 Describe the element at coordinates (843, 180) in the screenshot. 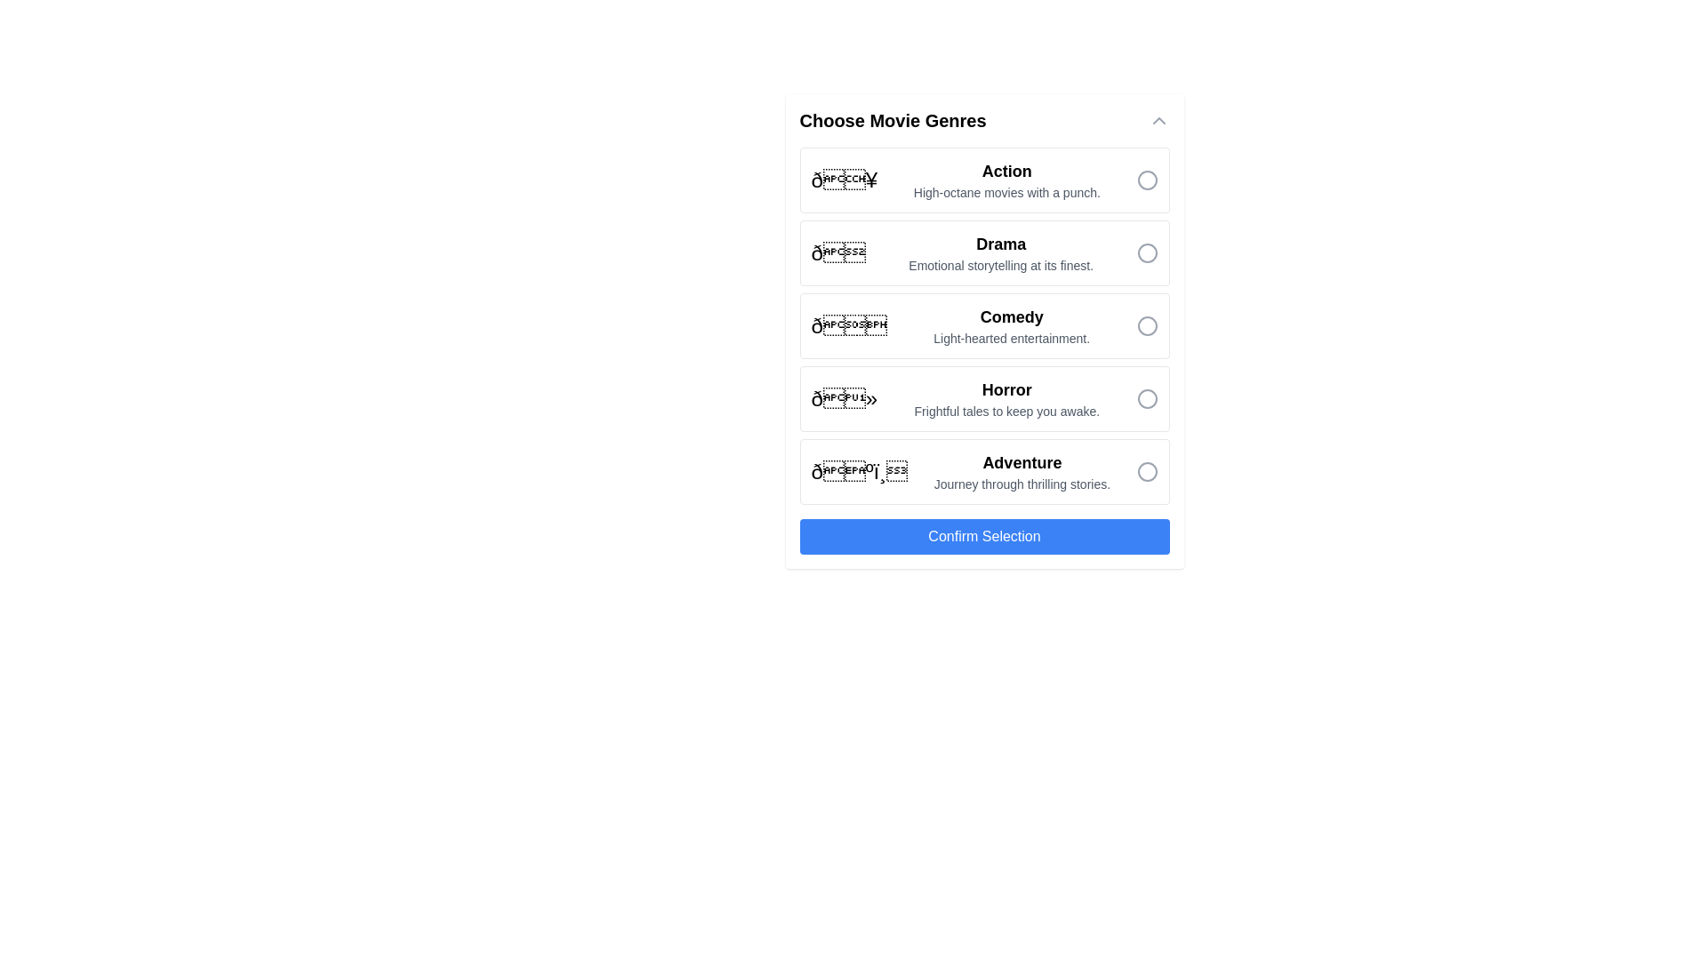

I see `the large flame emoji icon representing the 'Action' movie genre, located at the start of the genre selection row` at that location.